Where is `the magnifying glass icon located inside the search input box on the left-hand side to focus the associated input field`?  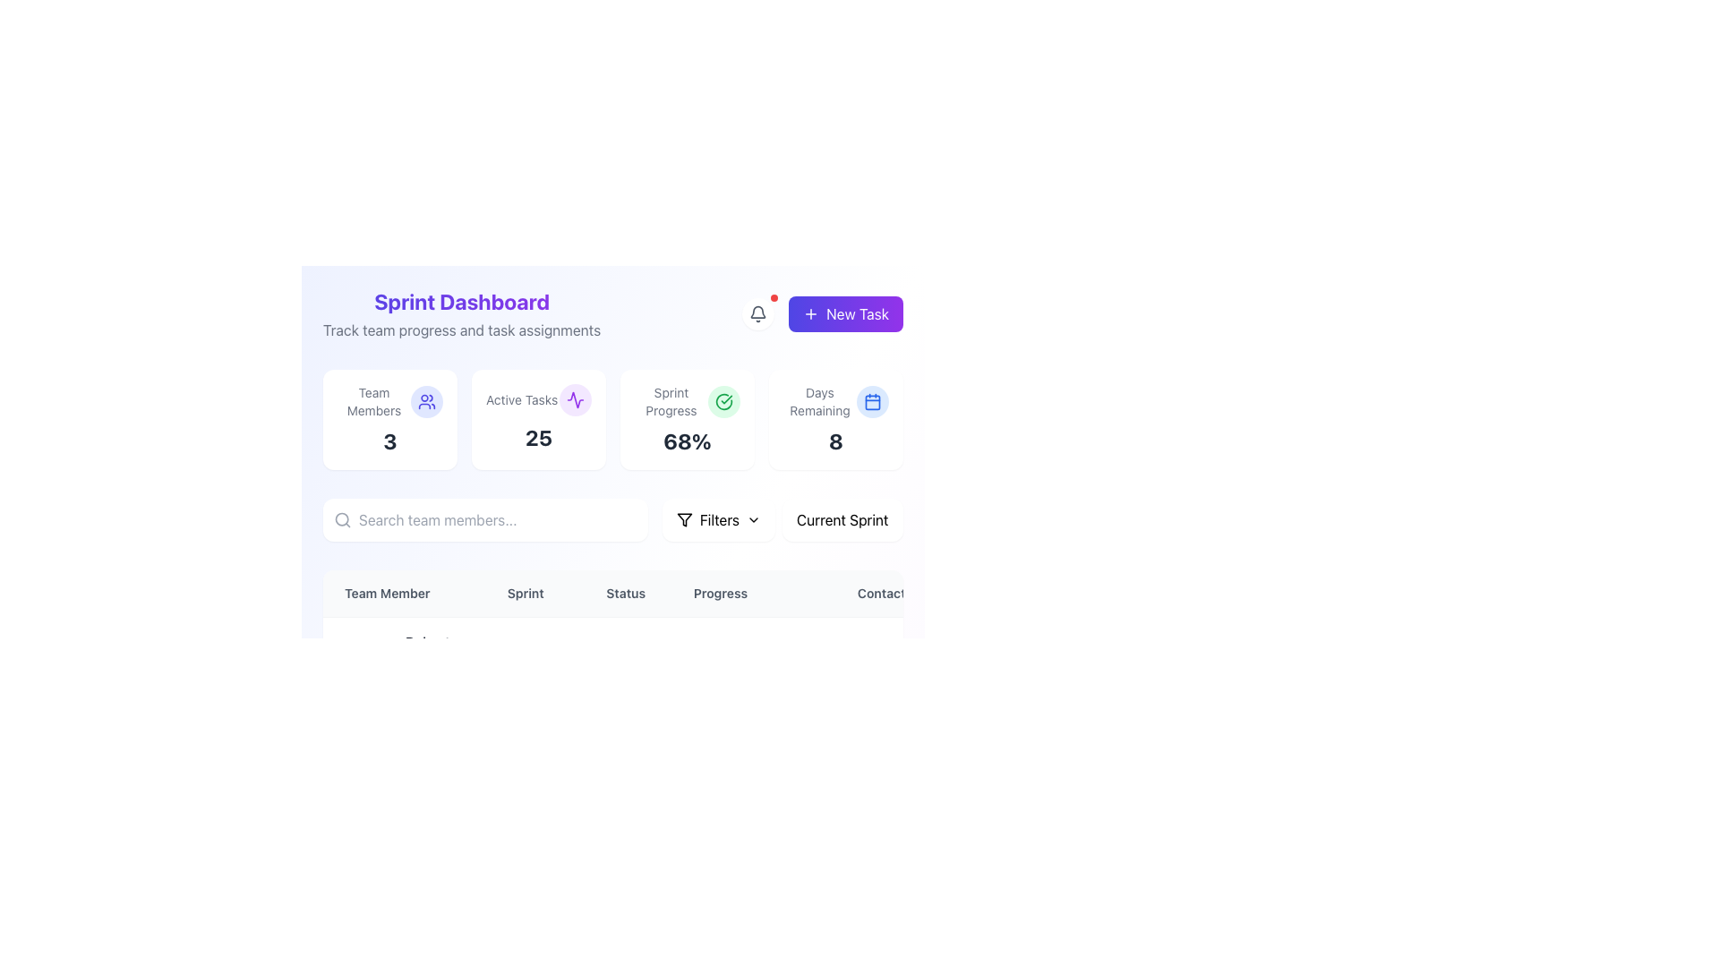
the magnifying glass icon located inside the search input box on the left-hand side to focus the associated input field is located at coordinates (343, 520).